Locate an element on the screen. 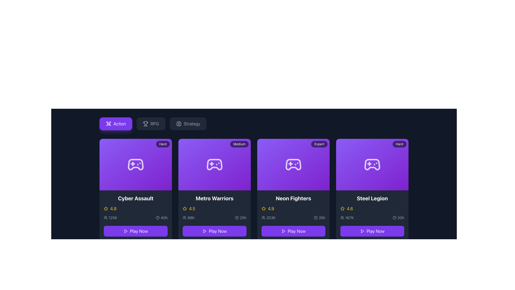  the time duration displayed next to the clock icon in the lower-right part of the 'Cyber Assault' card, which shows '40h' is located at coordinates (161, 218).